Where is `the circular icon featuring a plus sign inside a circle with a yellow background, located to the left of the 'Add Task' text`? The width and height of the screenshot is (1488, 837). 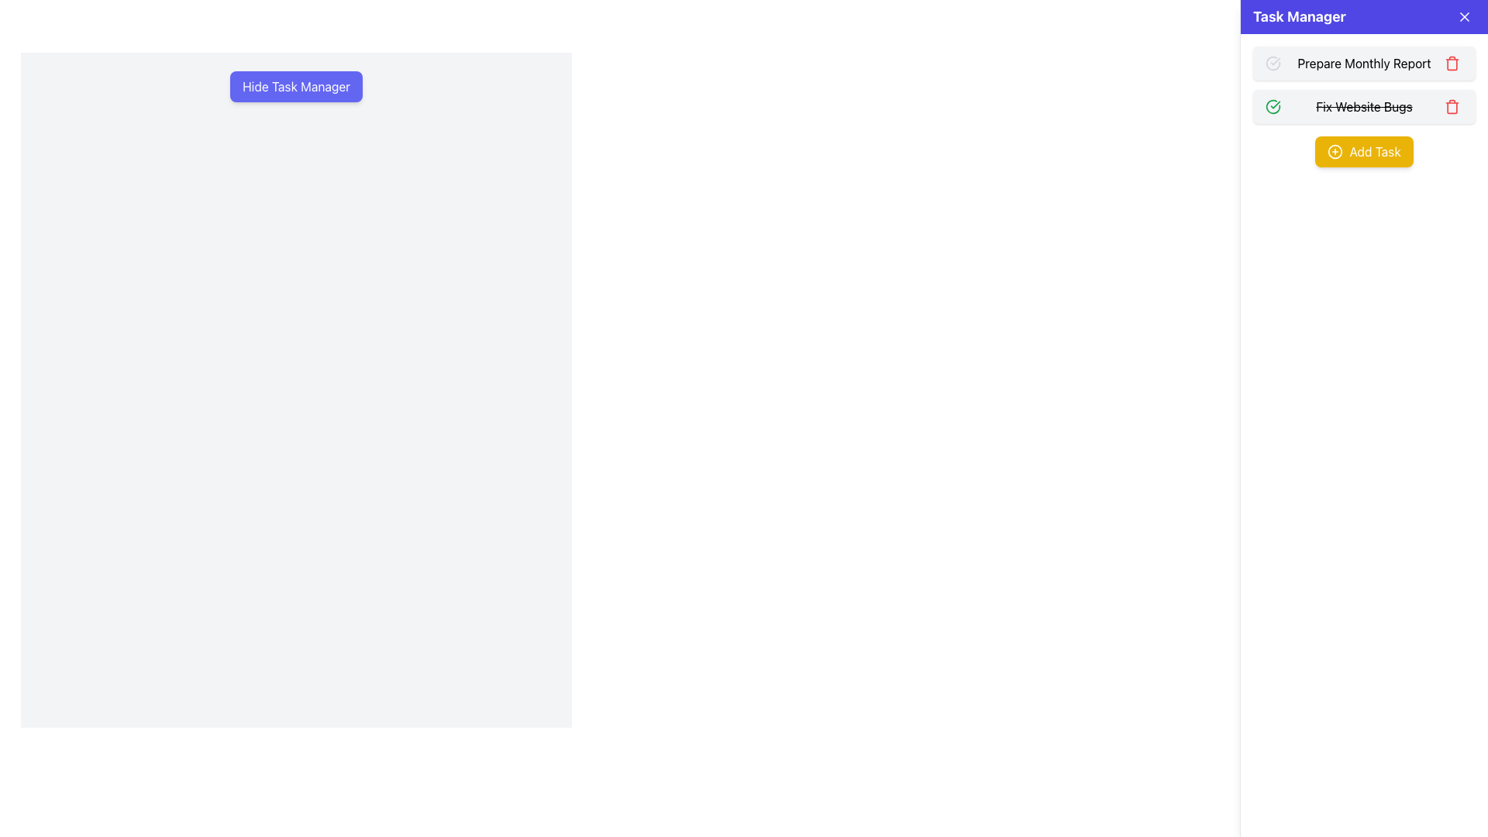
the circular icon featuring a plus sign inside a circle with a yellow background, located to the left of the 'Add Task' text is located at coordinates (1335, 152).